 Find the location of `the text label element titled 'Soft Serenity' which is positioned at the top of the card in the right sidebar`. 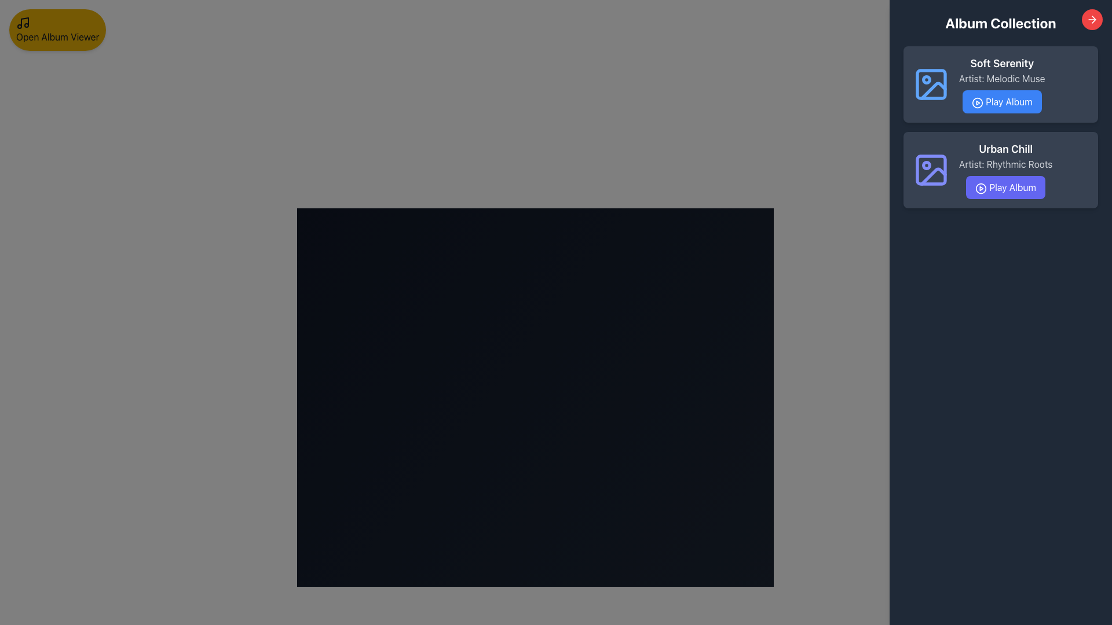

the text label element titled 'Soft Serenity' which is positioned at the top of the card in the right sidebar is located at coordinates (1001, 64).